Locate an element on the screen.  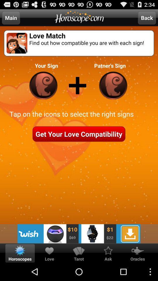
signature is located at coordinates (43, 85).